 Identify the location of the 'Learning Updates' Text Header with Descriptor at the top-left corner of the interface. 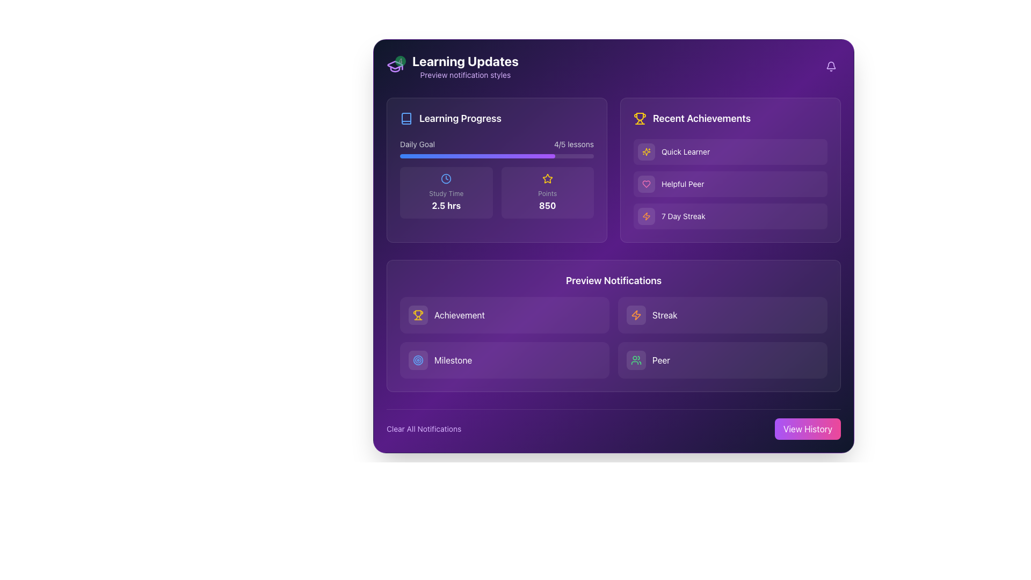
(465, 66).